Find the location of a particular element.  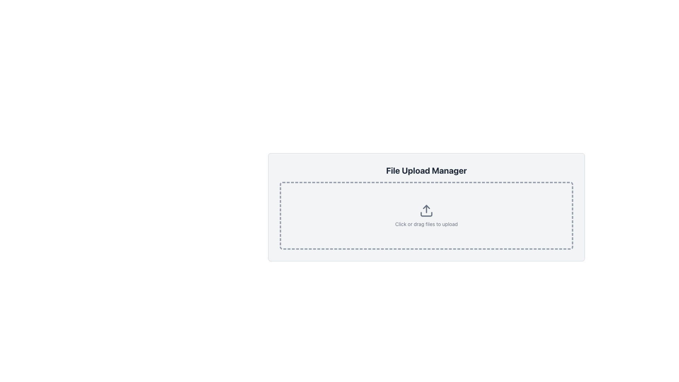

the interactive file upload area with dashed gray borders, which contains an upload icon and the text 'Click or drag files to upload' is located at coordinates (426, 215).